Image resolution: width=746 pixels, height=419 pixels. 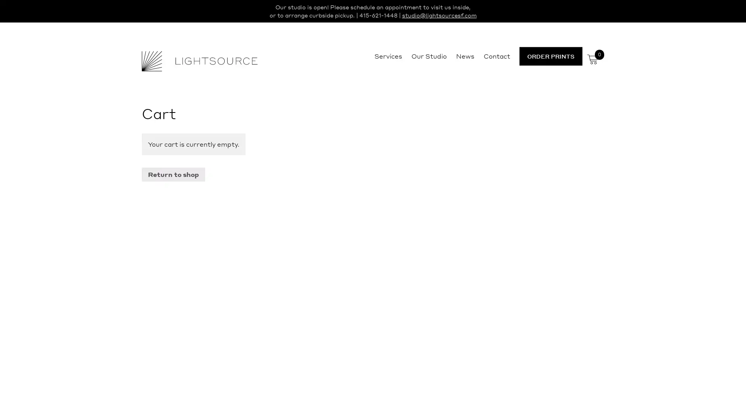 I want to click on Sign up, so click(x=446, y=270).